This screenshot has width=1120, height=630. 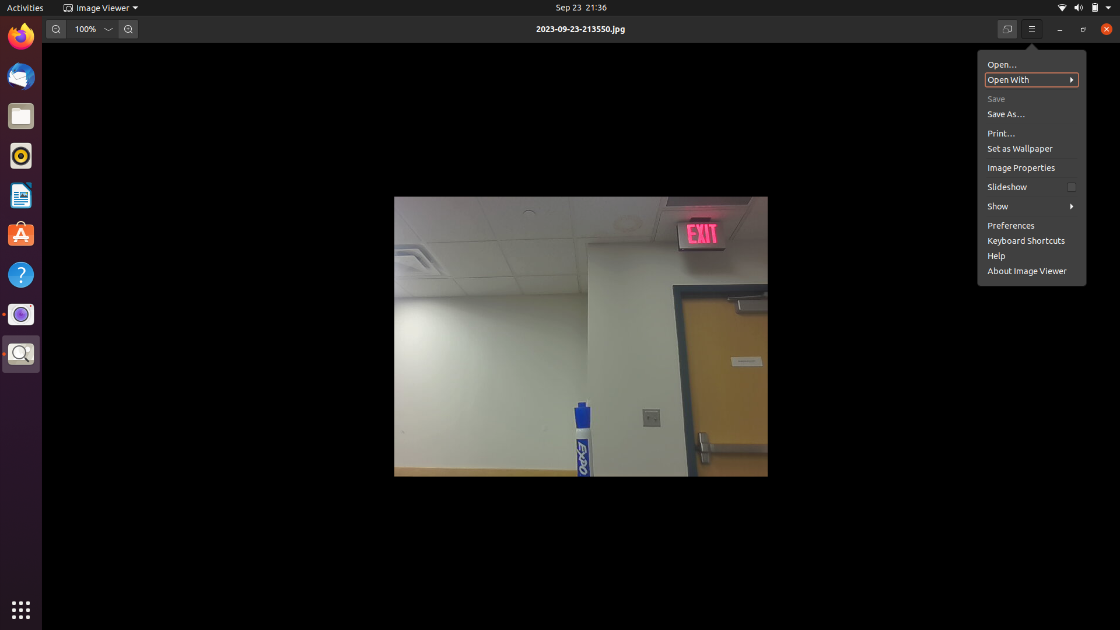 I want to click on the about page of the image viewer software, so click(x=1027, y=224).